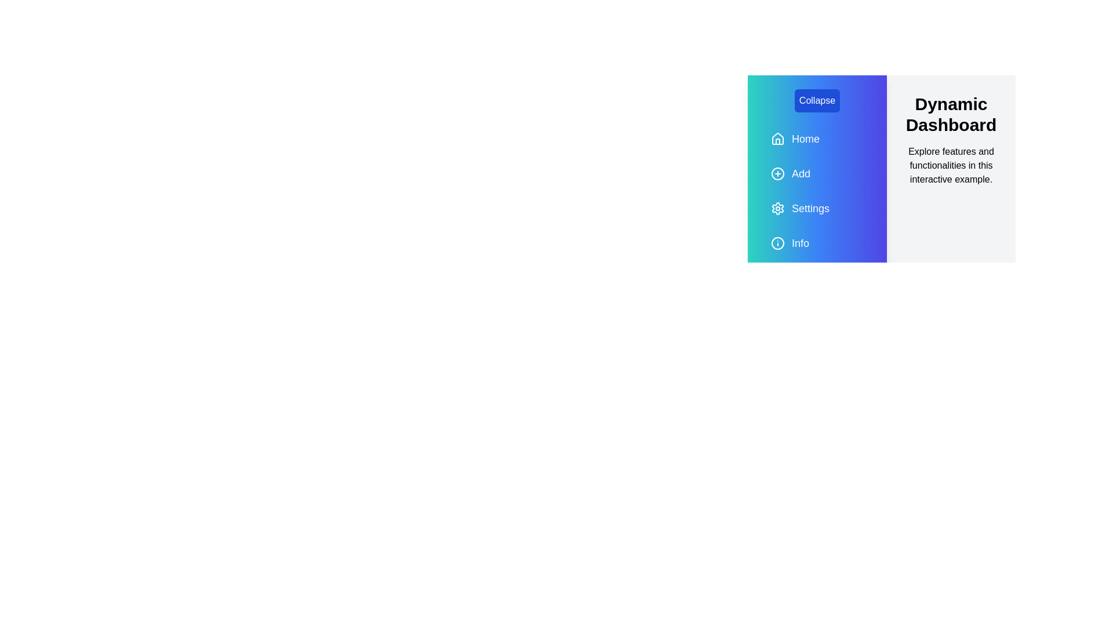 This screenshot has width=1113, height=626. I want to click on the 'Home' navigation item, so click(817, 138).